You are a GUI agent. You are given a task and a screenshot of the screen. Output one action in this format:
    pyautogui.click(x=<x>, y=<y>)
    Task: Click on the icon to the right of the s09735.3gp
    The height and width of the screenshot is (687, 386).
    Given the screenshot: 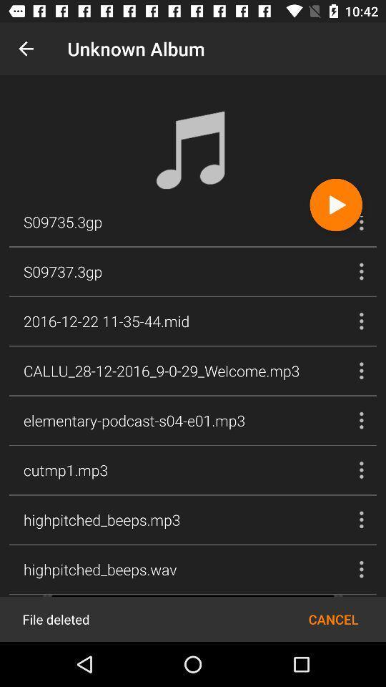 What is the action you would take?
    pyautogui.click(x=336, y=204)
    